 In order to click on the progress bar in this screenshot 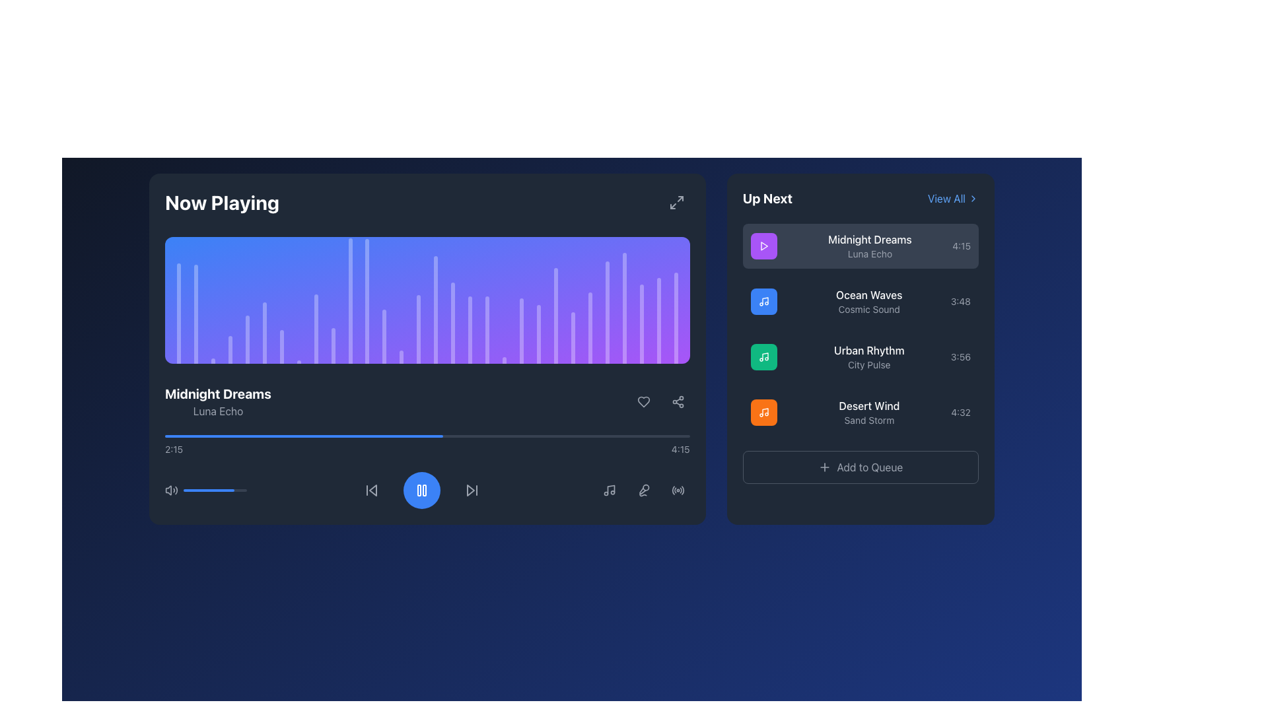, I will do `click(228, 436)`.